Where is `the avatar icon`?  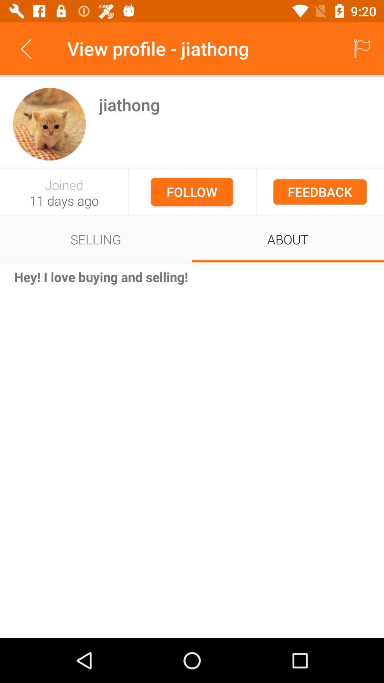
the avatar icon is located at coordinates (49, 124).